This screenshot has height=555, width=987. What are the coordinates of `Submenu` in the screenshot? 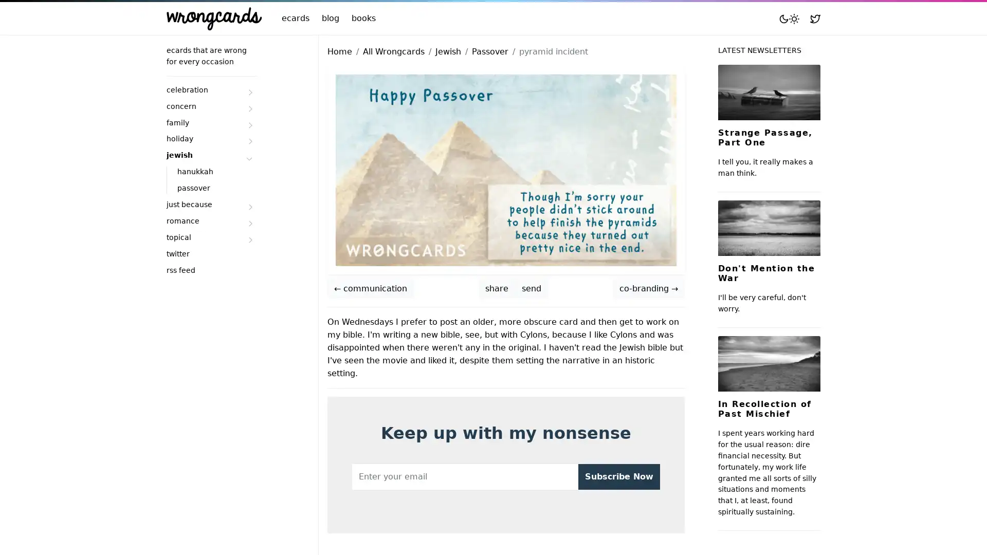 It's located at (249, 108).